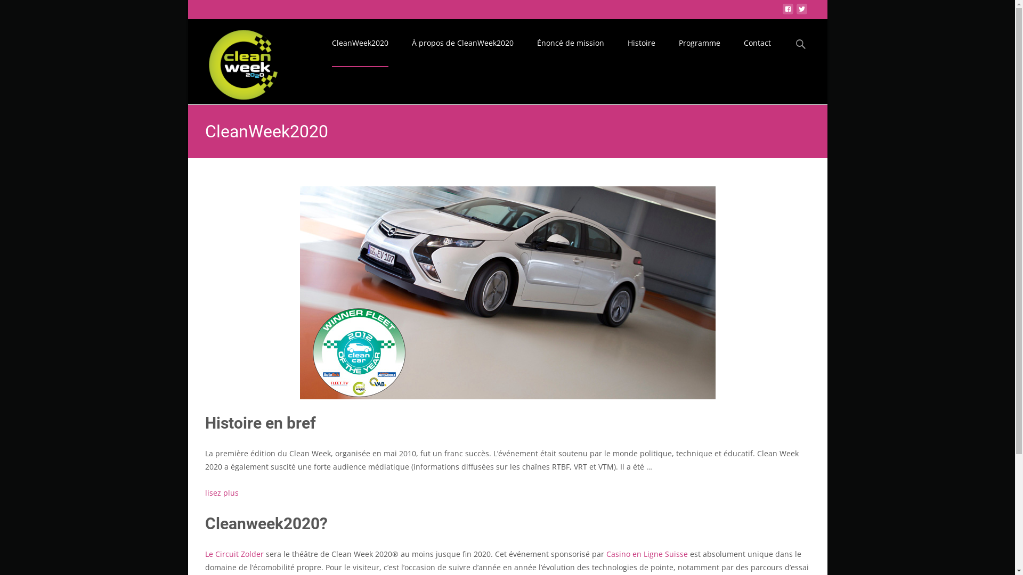 The width and height of the screenshot is (1023, 575). Describe the element at coordinates (782, 12) in the screenshot. I see `'facebook'` at that location.